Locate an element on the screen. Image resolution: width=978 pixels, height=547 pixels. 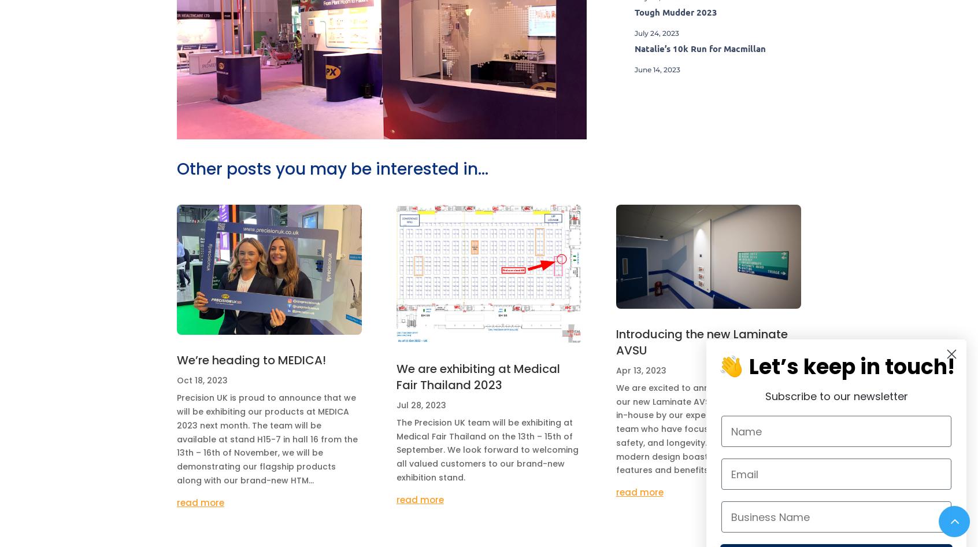
'We are exhibiting at Medical Fair Thailand 2023' is located at coordinates (477, 376).